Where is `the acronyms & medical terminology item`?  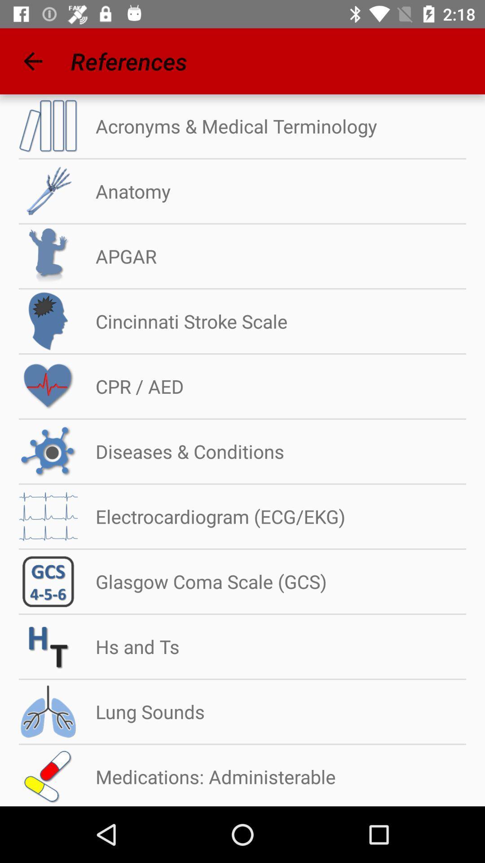
the acronyms & medical terminology item is located at coordinates (227, 125).